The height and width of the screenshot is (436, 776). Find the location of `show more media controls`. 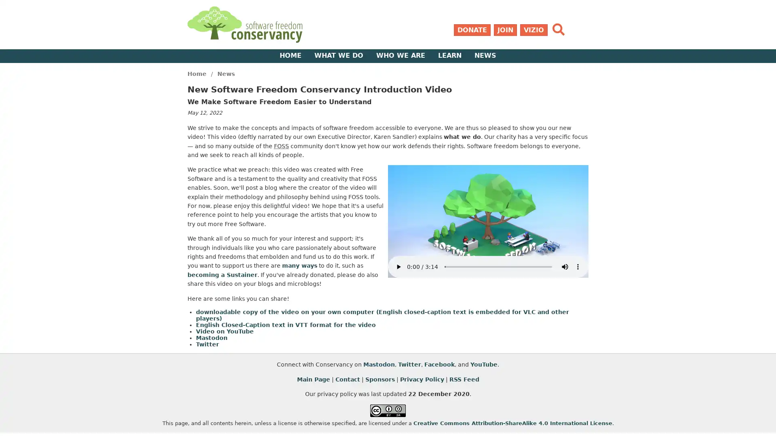

show more media controls is located at coordinates (578, 266).